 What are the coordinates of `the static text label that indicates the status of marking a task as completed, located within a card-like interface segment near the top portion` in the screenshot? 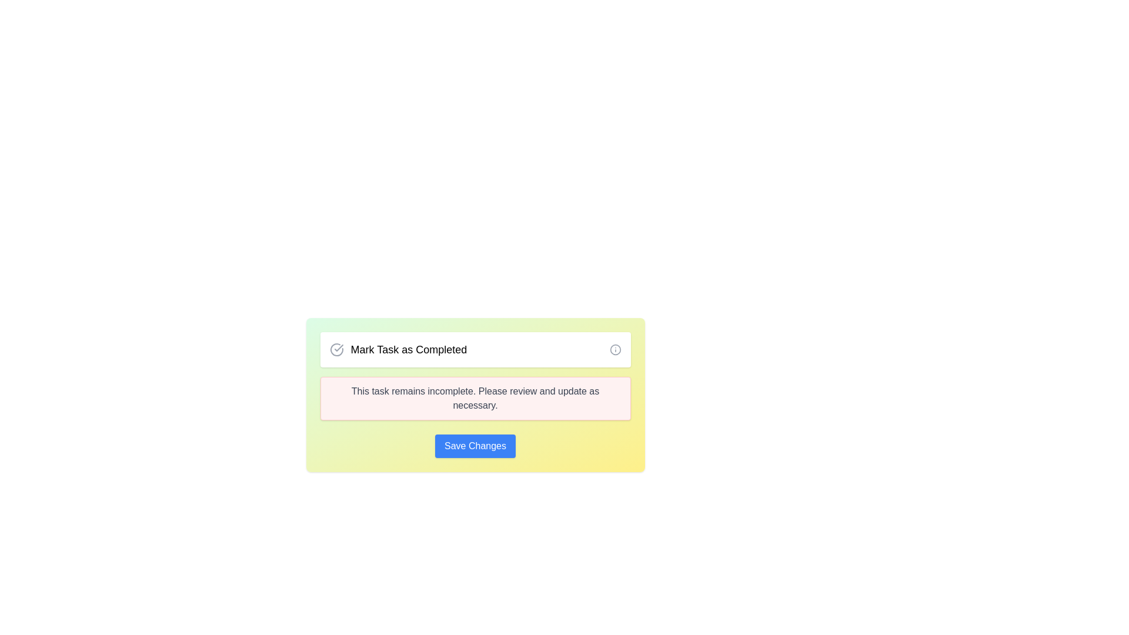 It's located at (409, 349).